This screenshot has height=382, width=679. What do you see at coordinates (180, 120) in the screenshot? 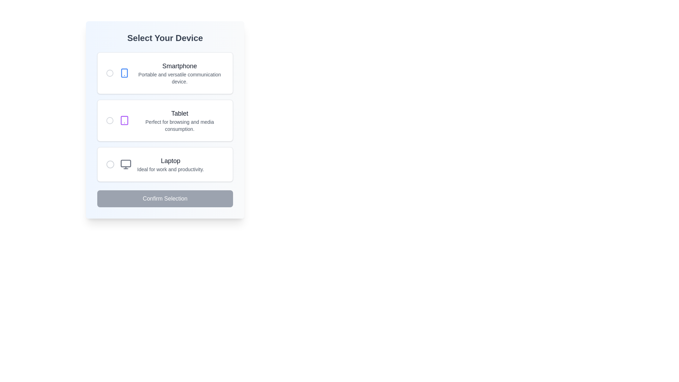
I see `the descriptive text block that labels and describes the 'Tablet' selection option` at bounding box center [180, 120].